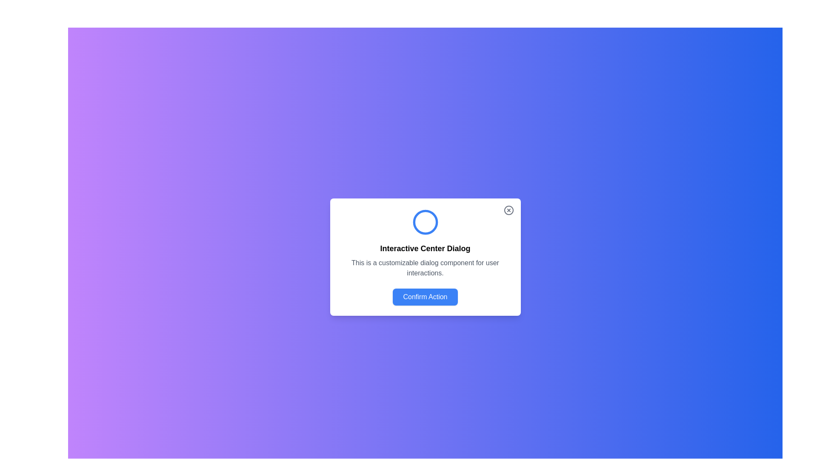  What do you see at coordinates (508, 210) in the screenshot?
I see `the circular graphical component within the SVG, located at the upper-right corner of the dialog box` at bounding box center [508, 210].